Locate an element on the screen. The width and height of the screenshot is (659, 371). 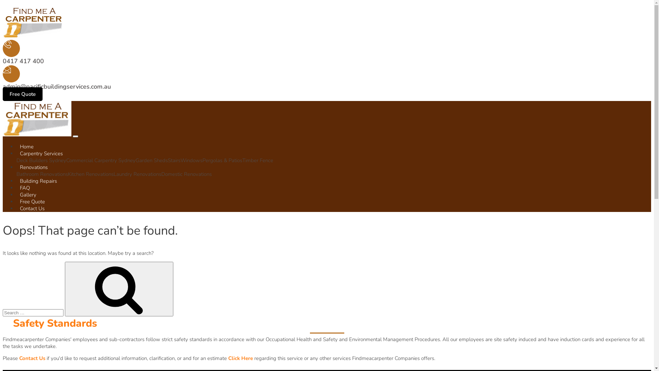
'Renovations' is located at coordinates (33, 167).